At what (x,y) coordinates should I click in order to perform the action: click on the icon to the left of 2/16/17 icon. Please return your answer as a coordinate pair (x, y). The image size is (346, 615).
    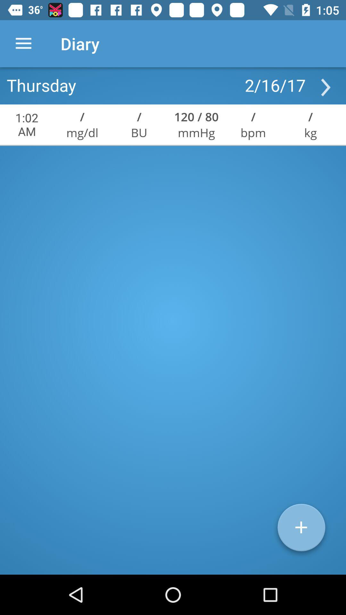
    Looking at the image, I should click on (41, 85).